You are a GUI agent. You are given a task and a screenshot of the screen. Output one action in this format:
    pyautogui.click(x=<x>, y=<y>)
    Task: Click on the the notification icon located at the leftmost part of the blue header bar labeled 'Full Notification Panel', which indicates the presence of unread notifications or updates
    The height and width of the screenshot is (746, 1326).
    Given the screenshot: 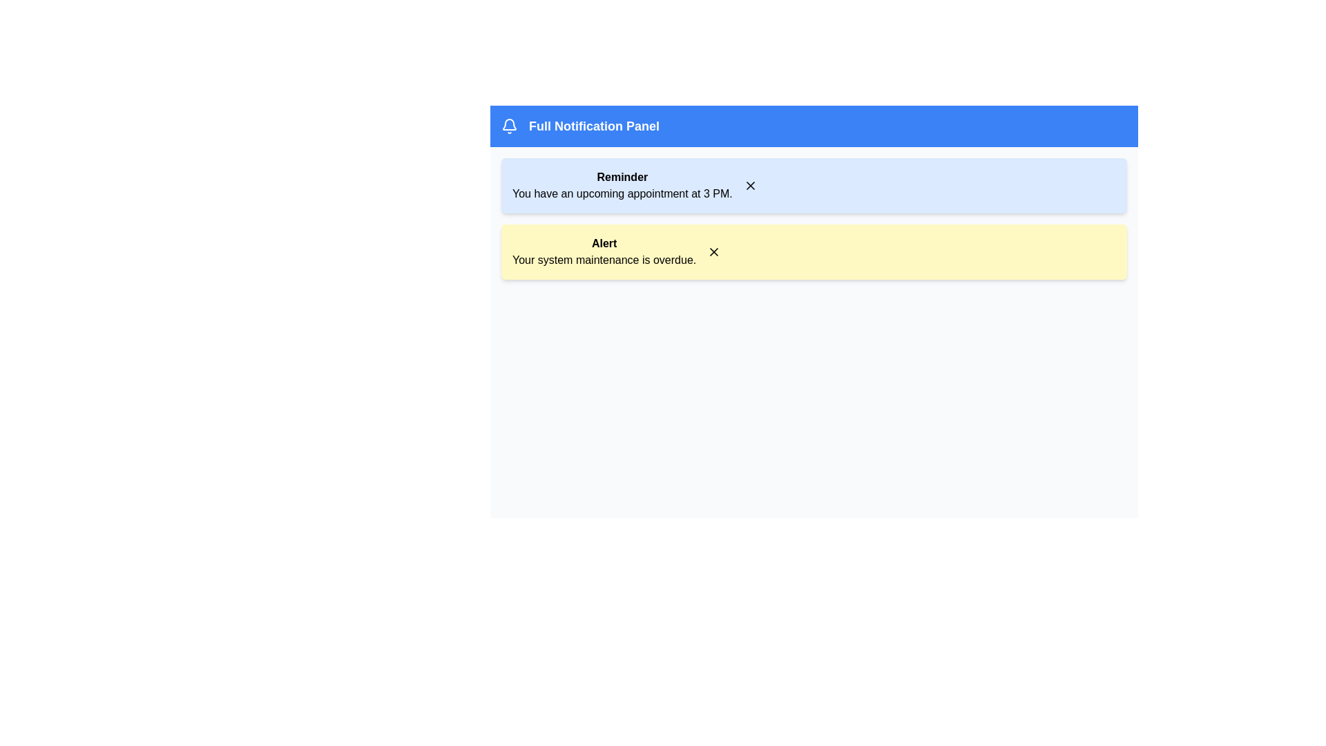 What is the action you would take?
    pyautogui.click(x=509, y=126)
    